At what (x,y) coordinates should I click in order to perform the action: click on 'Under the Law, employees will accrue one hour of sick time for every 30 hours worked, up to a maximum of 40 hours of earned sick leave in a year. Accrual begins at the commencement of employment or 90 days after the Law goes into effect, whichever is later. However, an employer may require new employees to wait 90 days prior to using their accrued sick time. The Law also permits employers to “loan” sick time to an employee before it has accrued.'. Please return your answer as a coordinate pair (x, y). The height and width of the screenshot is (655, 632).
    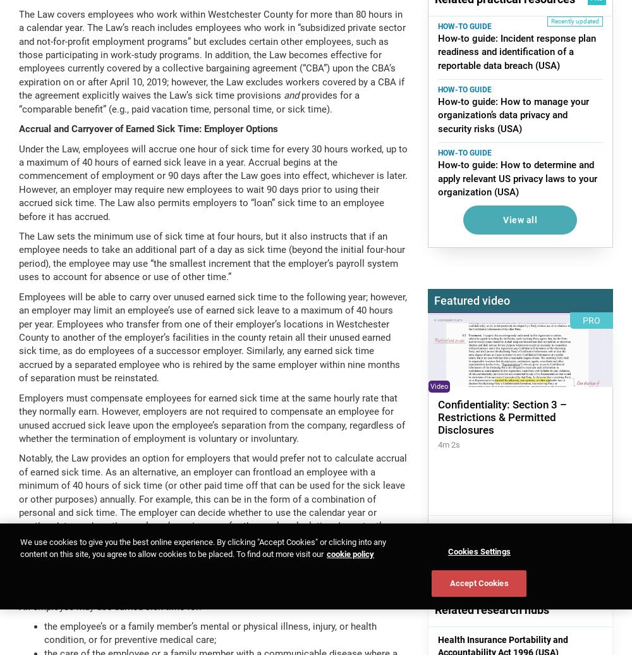
    Looking at the image, I should click on (212, 182).